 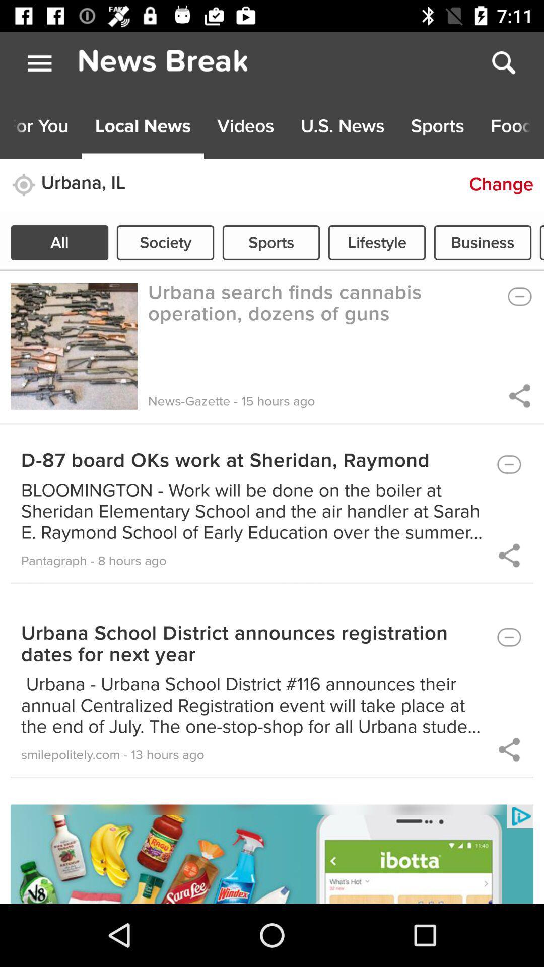 What do you see at coordinates (73, 346) in the screenshot?
I see `the first image under all button` at bounding box center [73, 346].